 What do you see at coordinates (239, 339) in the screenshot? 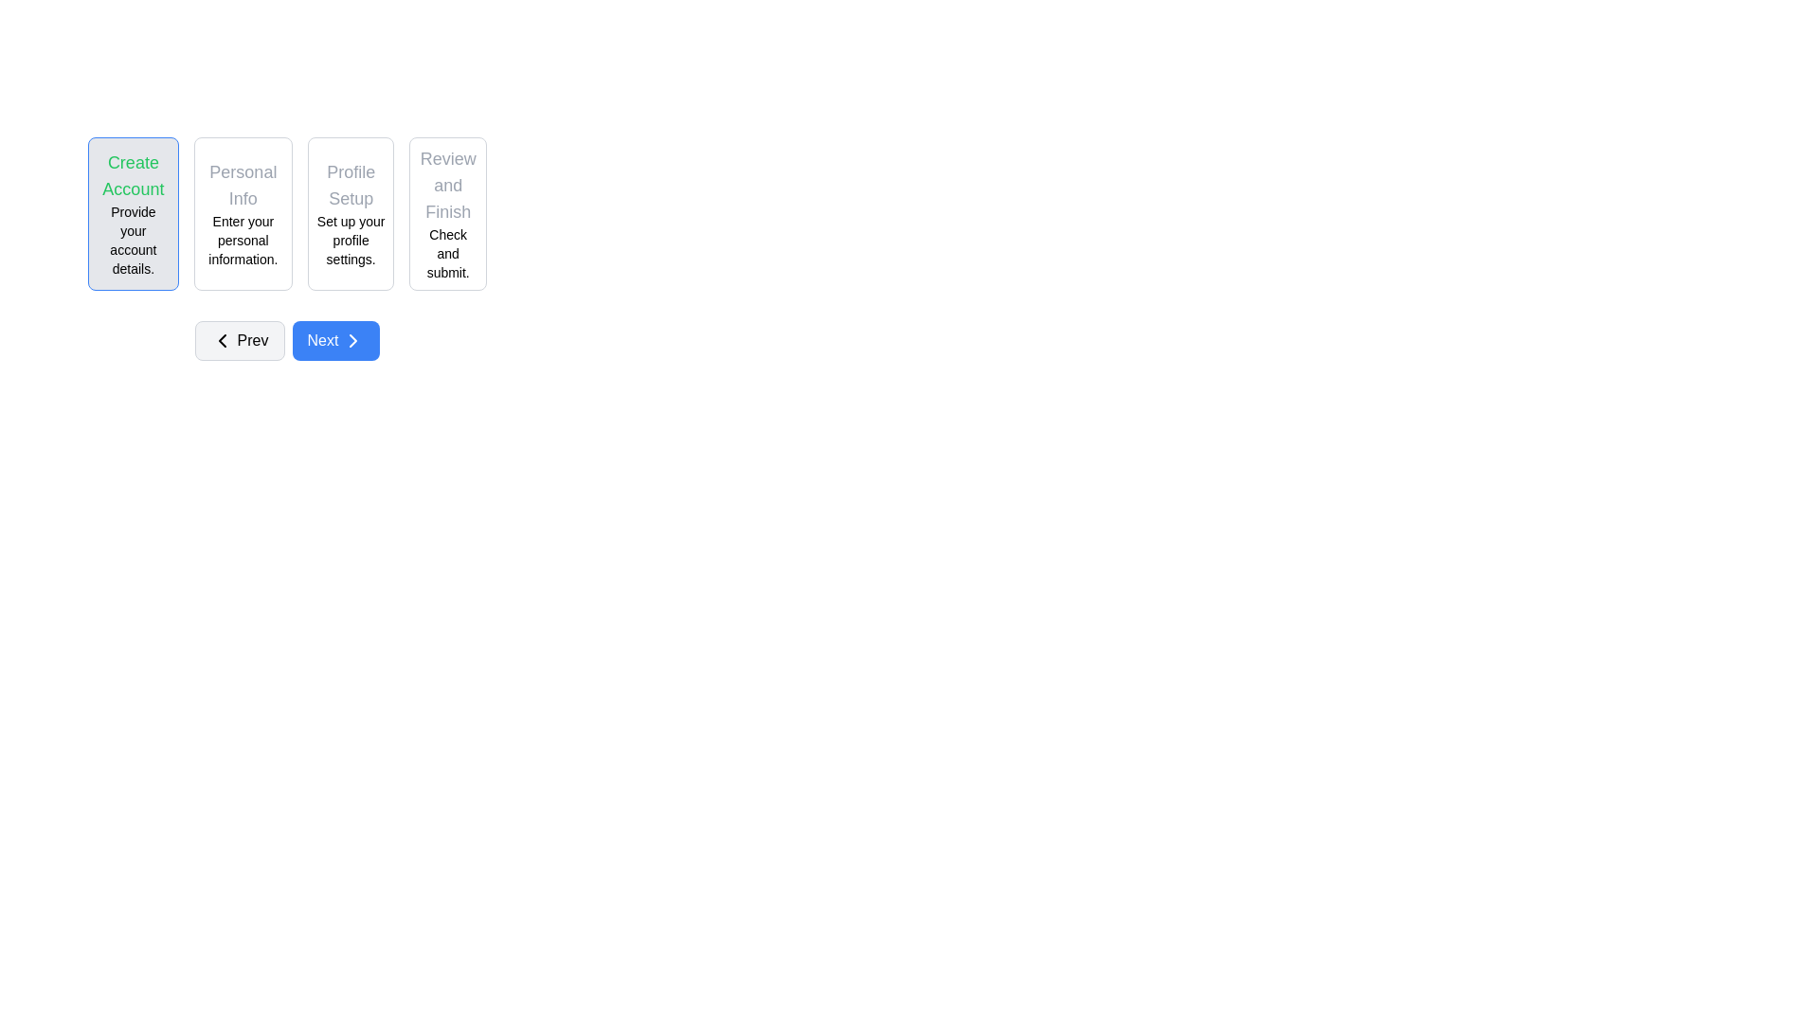
I see `the 'Prev' button which features a leftward pointing chevron icon and the text 'Prev', located at the bottom center of the interface, to change its background color` at bounding box center [239, 339].